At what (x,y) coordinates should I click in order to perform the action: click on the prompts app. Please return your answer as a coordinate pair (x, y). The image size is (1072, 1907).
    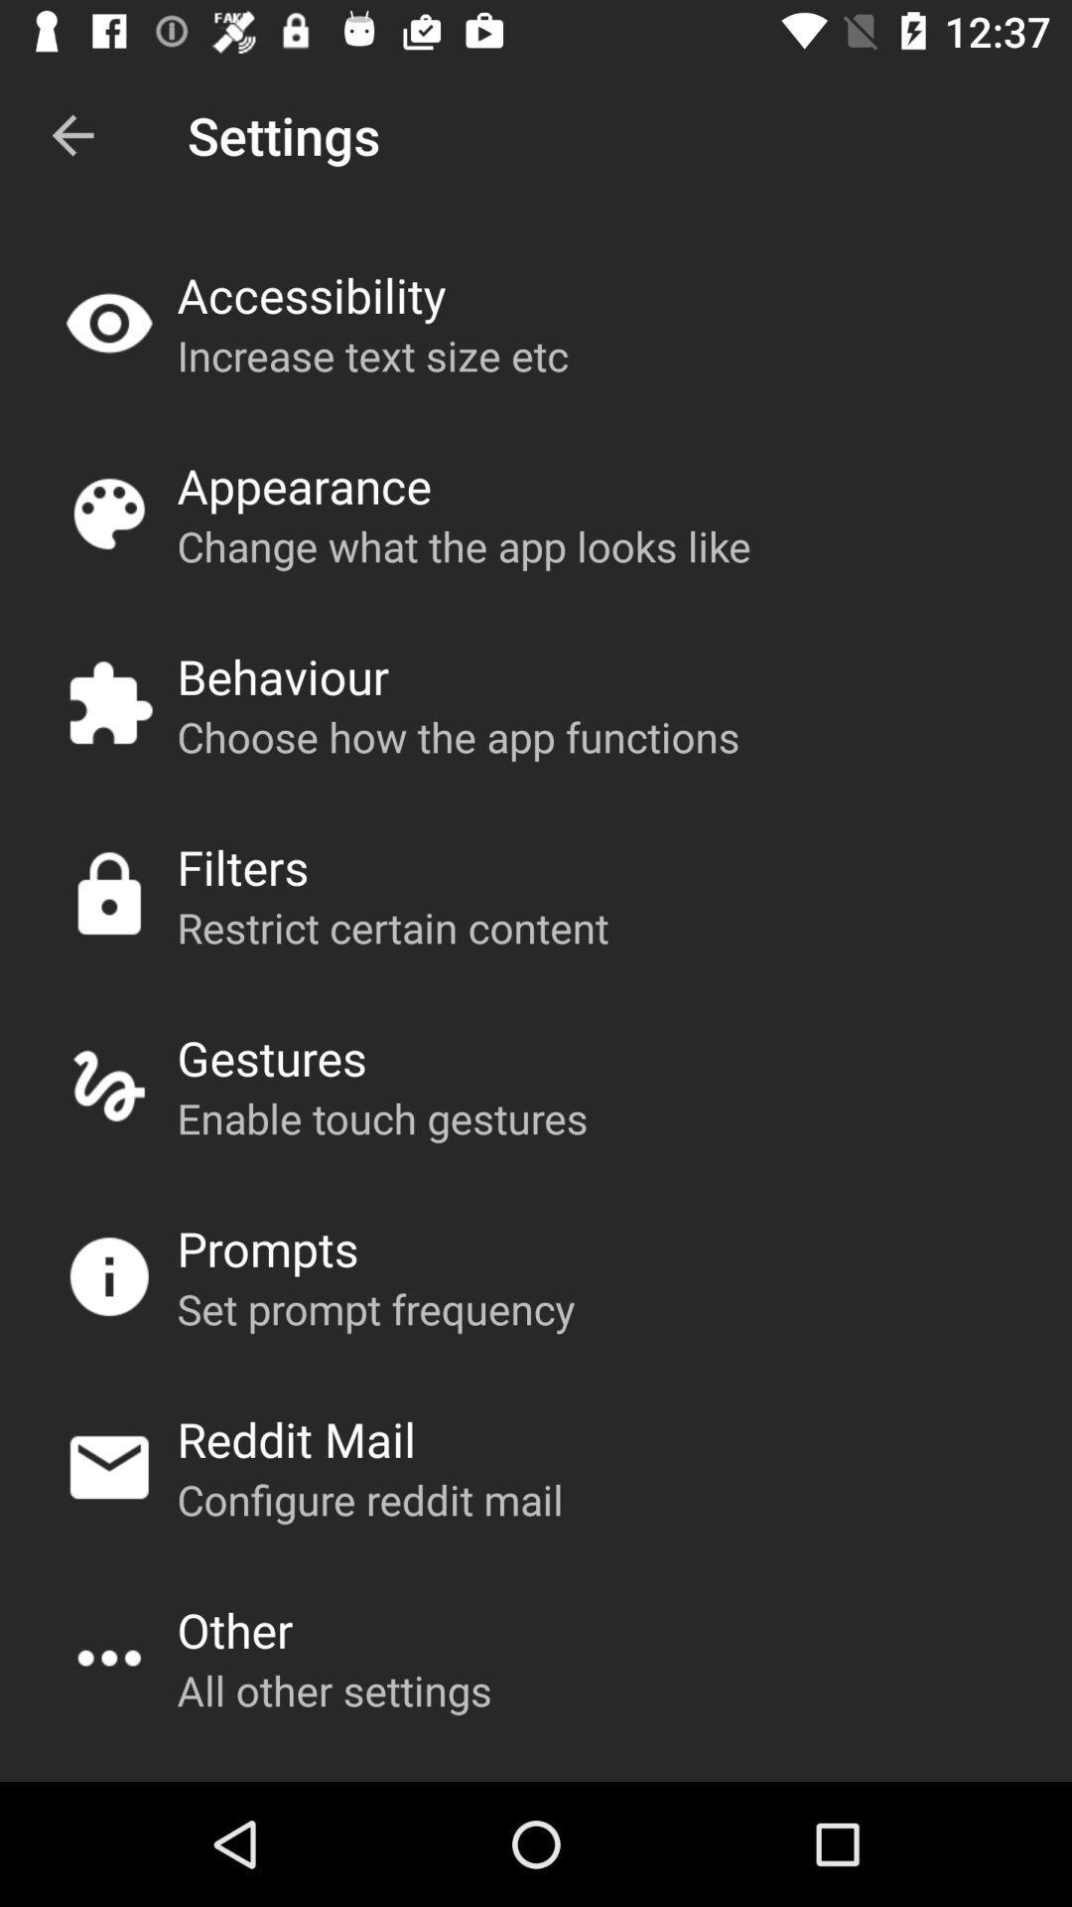
    Looking at the image, I should click on (268, 1247).